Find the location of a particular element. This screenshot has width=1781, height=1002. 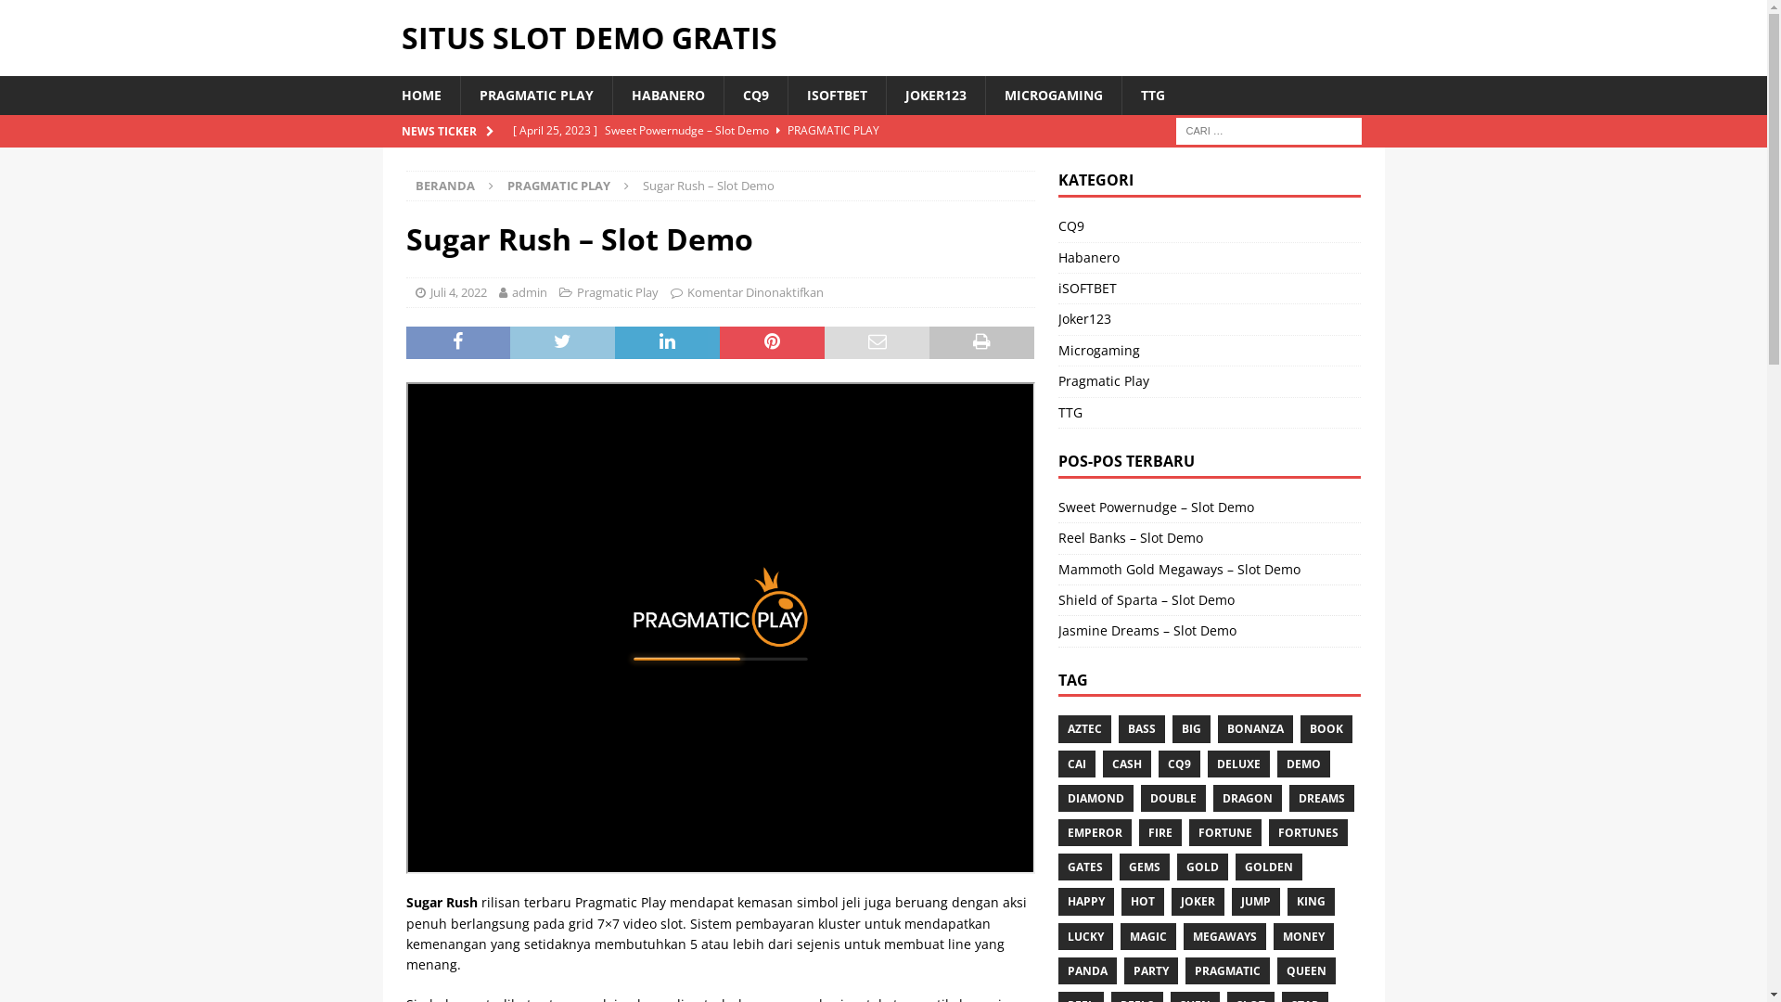

'Habanero' is located at coordinates (1210, 257).